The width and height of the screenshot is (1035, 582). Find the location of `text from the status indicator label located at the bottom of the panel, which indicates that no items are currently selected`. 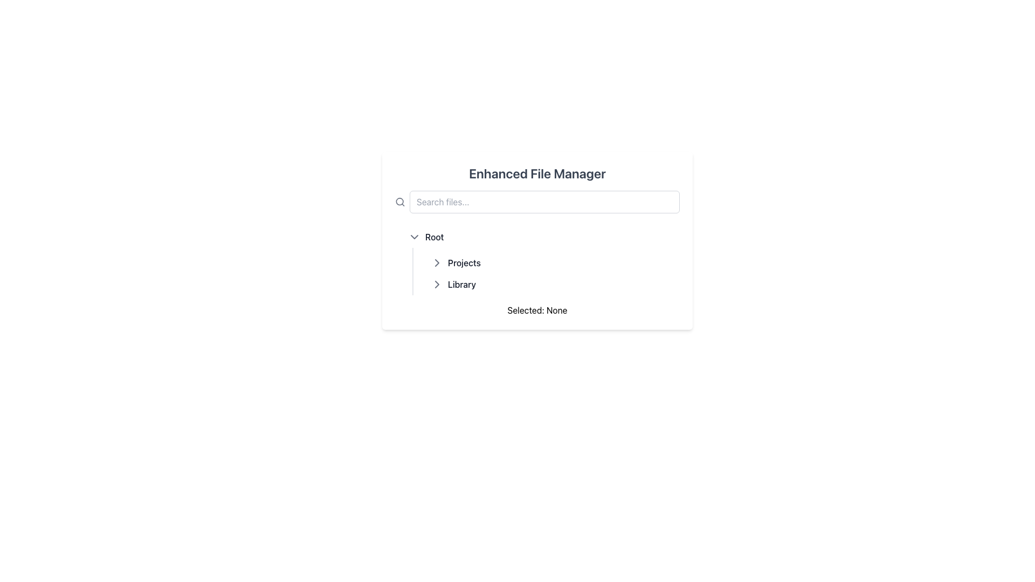

text from the status indicator label located at the bottom of the panel, which indicates that no items are currently selected is located at coordinates (537, 310).